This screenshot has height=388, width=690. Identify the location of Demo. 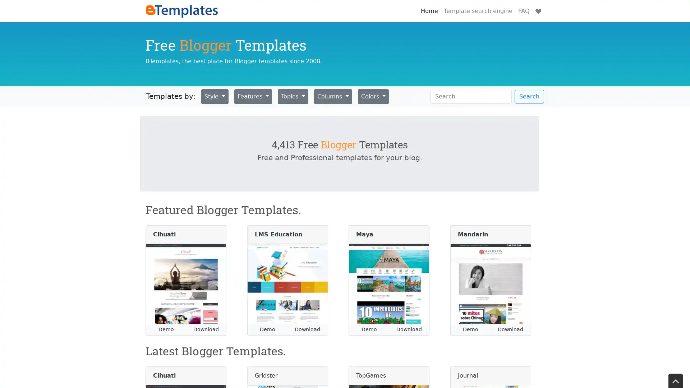
(267, 329).